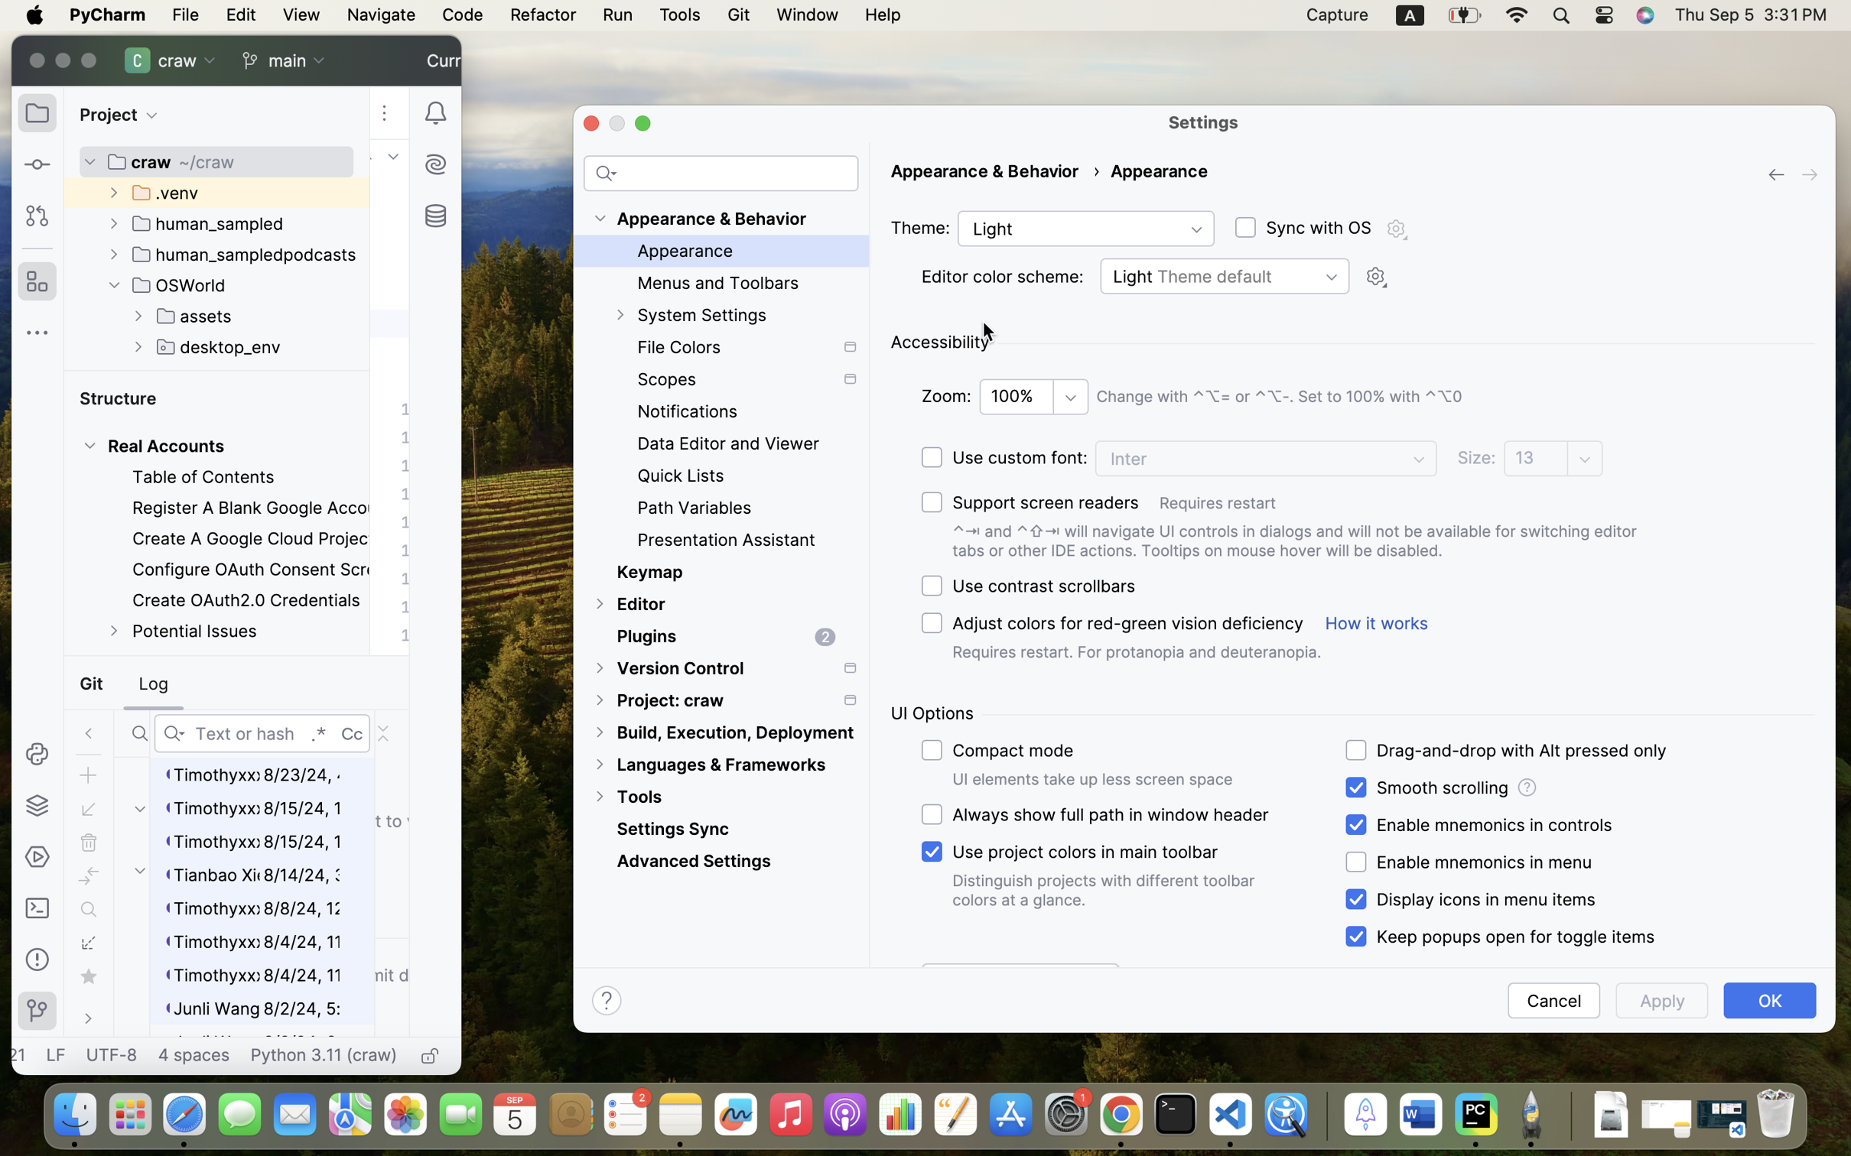 The width and height of the screenshot is (1851, 1156). What do you see at coordinates (932, 713) in the screenshot?
I see `'UI Options'` at bounding box center [932, 713].